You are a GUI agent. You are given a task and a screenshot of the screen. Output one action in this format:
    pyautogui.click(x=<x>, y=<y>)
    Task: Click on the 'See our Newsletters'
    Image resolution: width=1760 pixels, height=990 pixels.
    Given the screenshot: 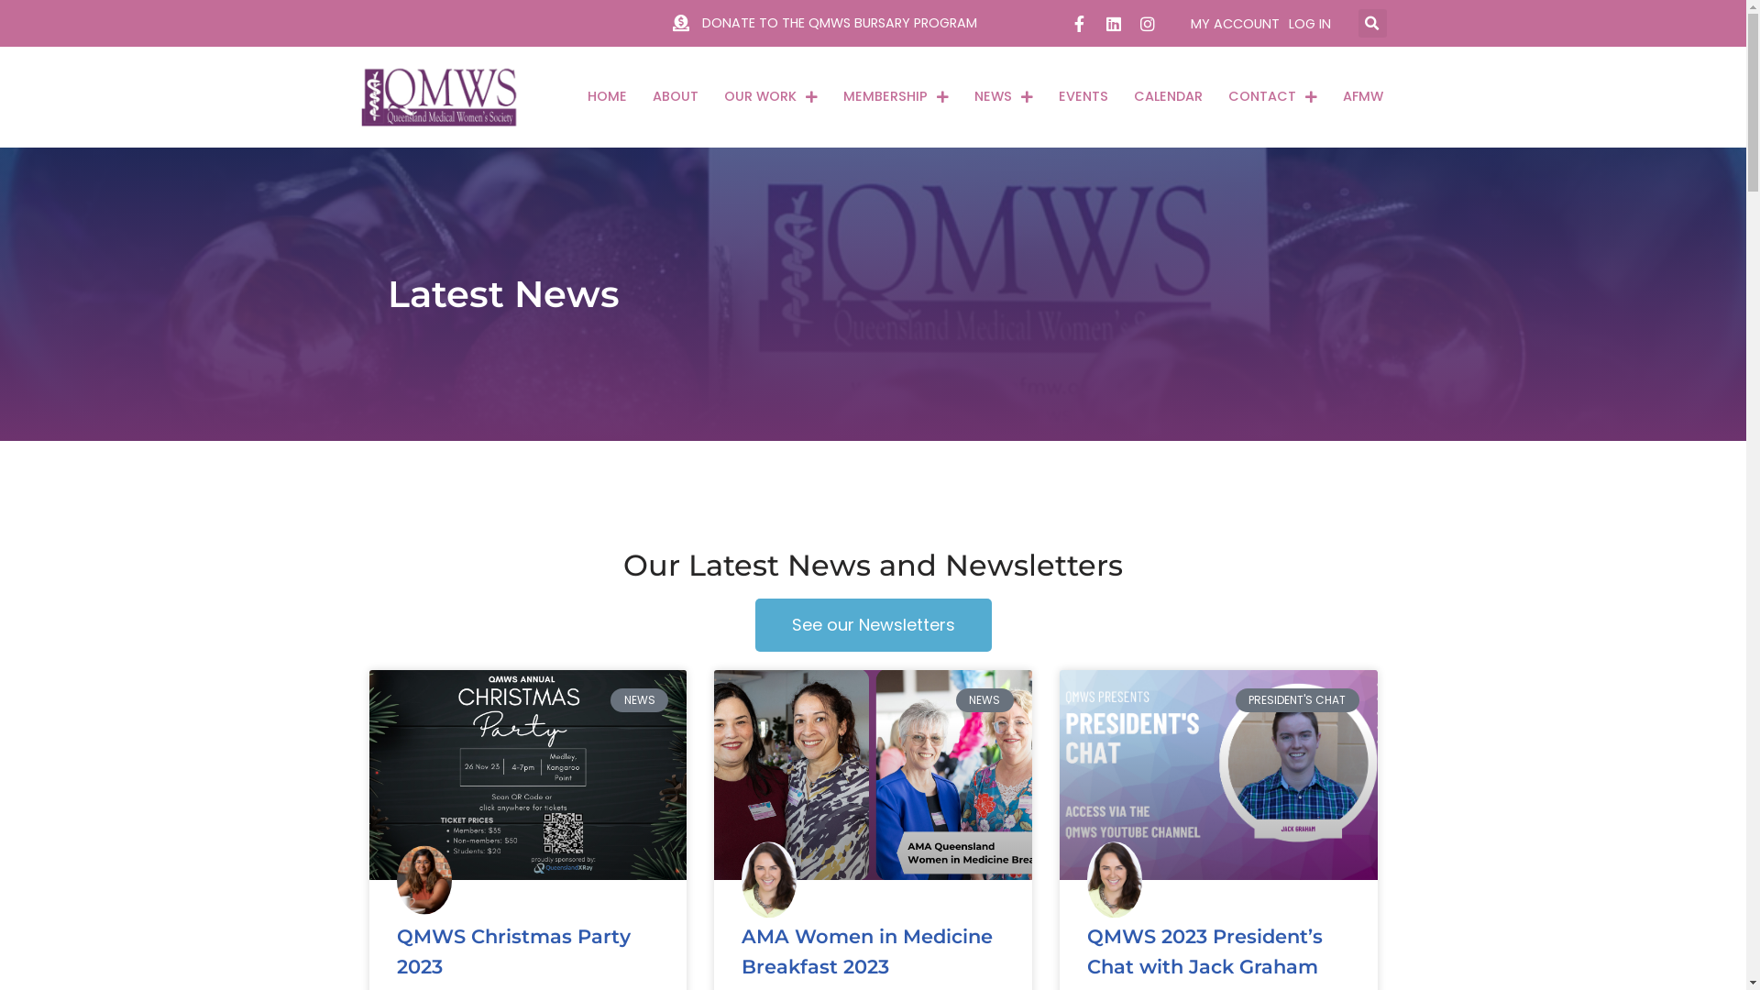 What is the action you would take?
    pyautogui.click(x=873, y=624)
    